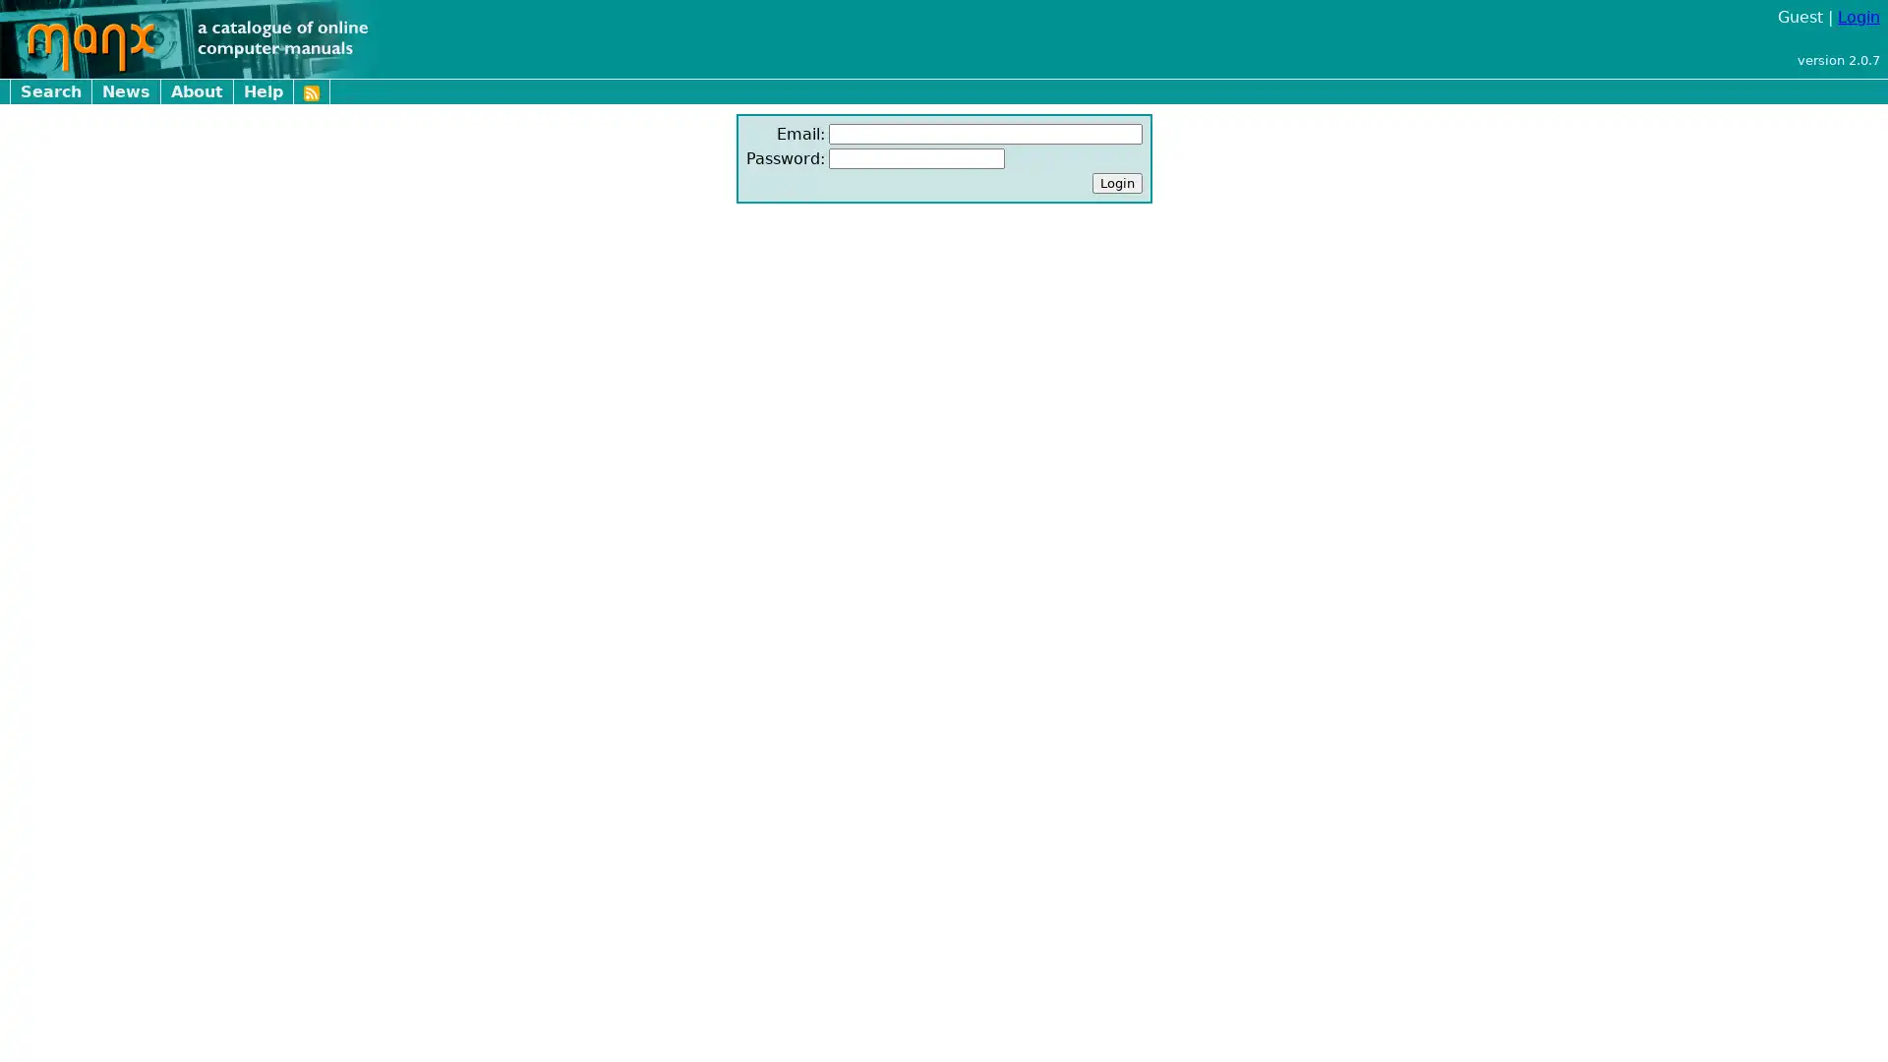 The width and height of the screenshot is (1888, 1062). Describe the element at coordinates (1116, 183) in the screenshot. I see `Login` at that location.